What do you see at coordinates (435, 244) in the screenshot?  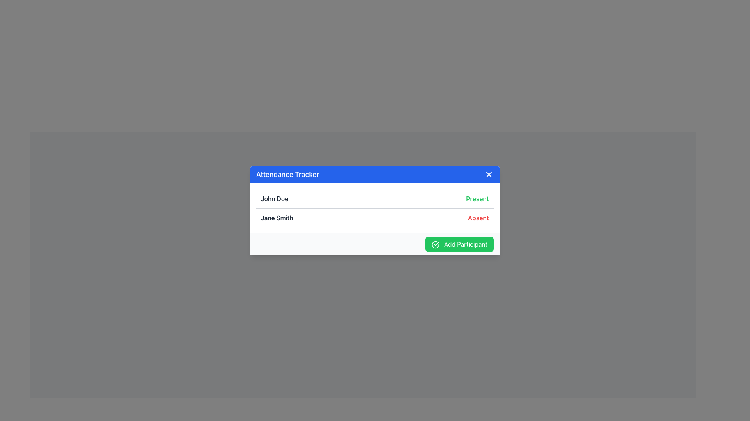 I see `the button containing the SVG icon with a check mark, located at the bottom-right corner of the dialog box, next to the 'Add Participant' text` at bounding box center [435, 244].